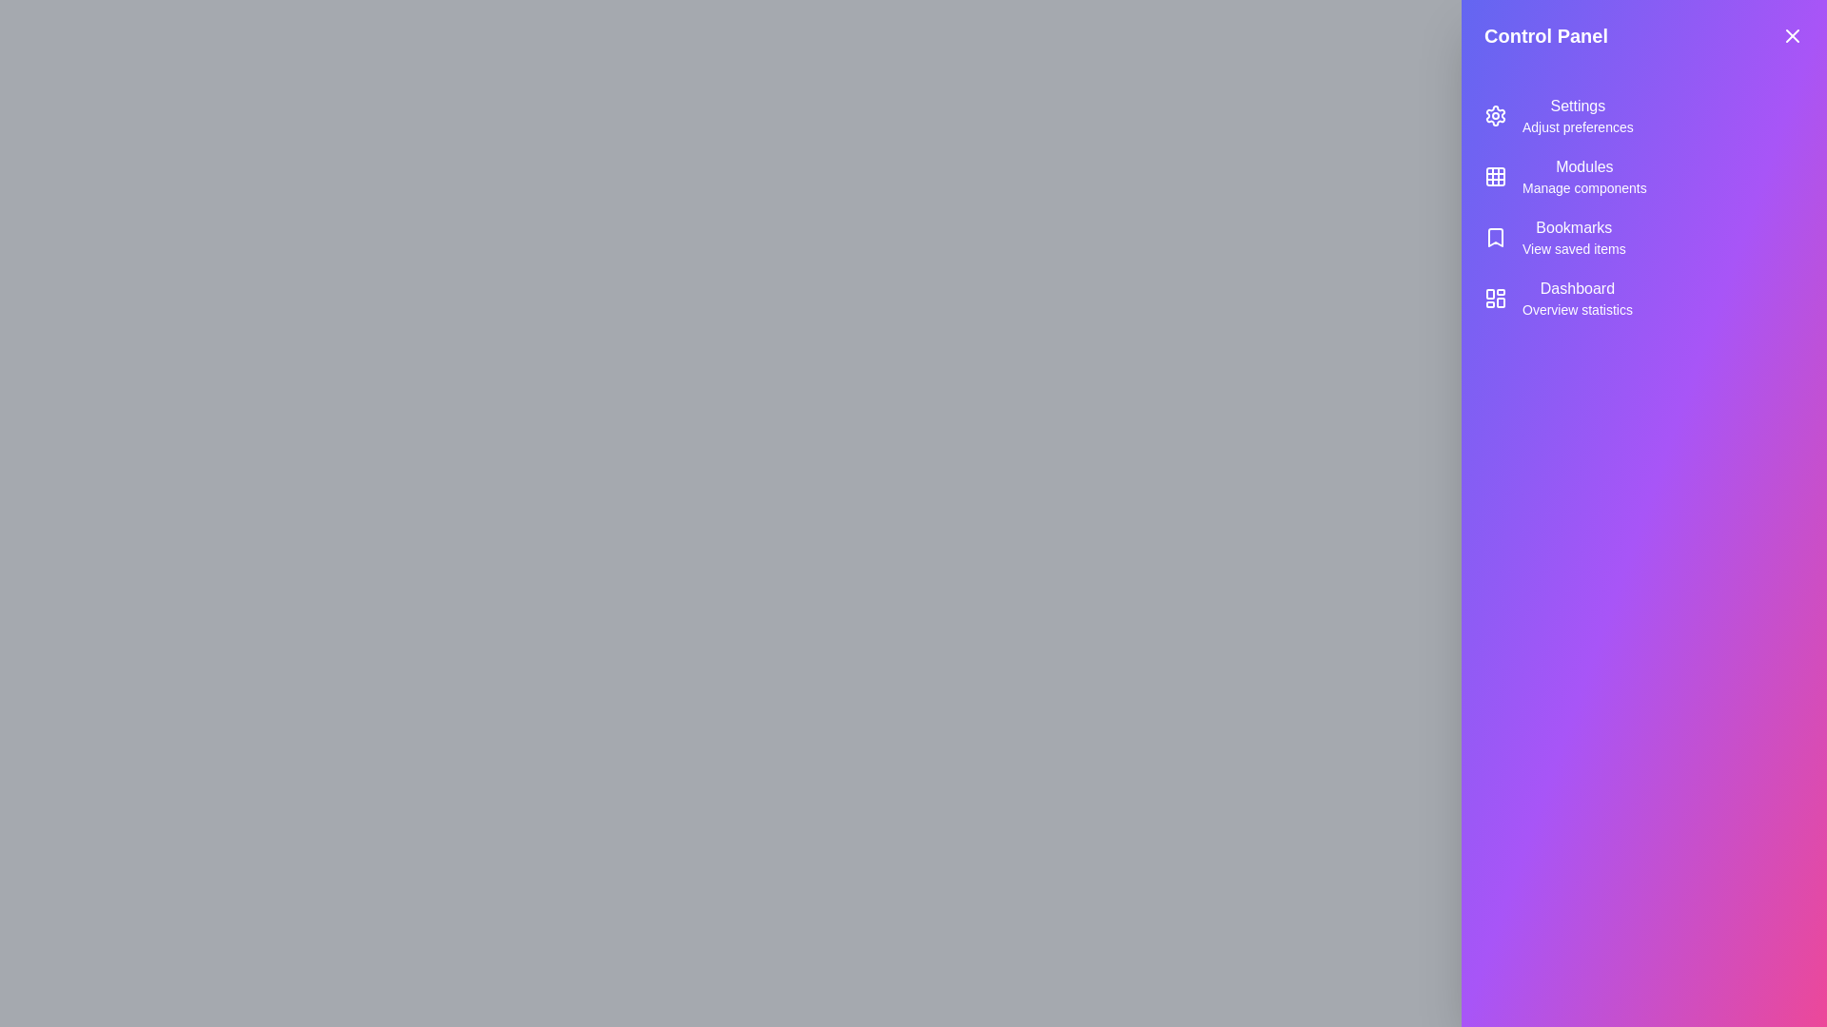 The height and width of the screenshot is (1027, 1827). Describe the element at coordinates (1791, 36) in the screenshot. I see `the close button located in the upper-right corner of the 'Control Panel' interface` at that location.